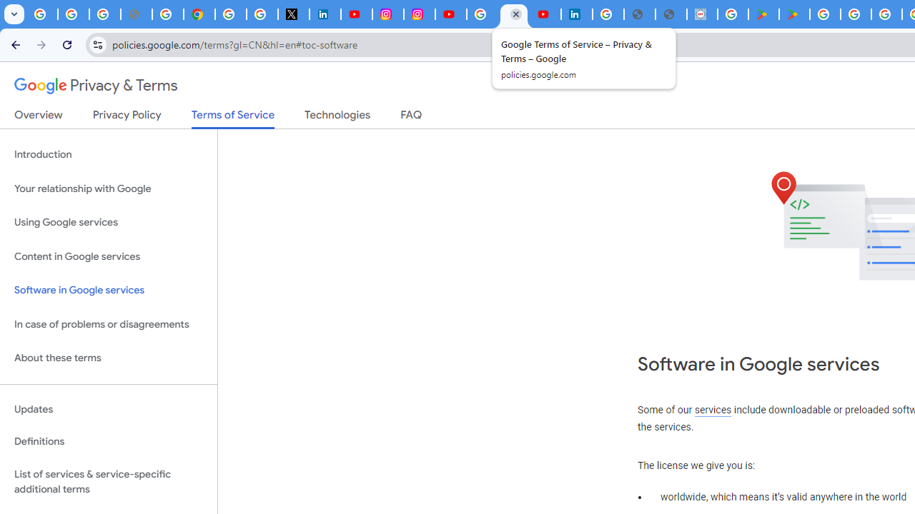  What do you see at coordinates (763, 14) in the screenshot?
I see `'Android Apps on Google Play'` at bounding box center [763, 14].